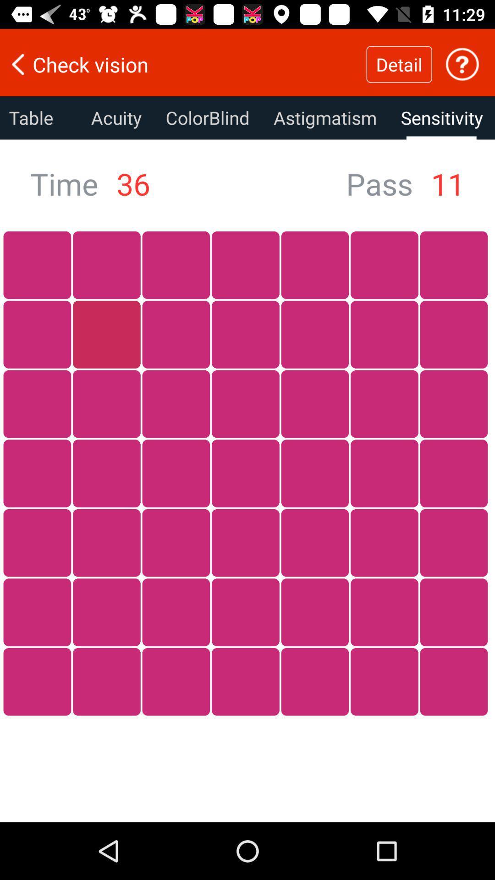  I want to click on the icon next to the sensitivity, so click(324, 117).